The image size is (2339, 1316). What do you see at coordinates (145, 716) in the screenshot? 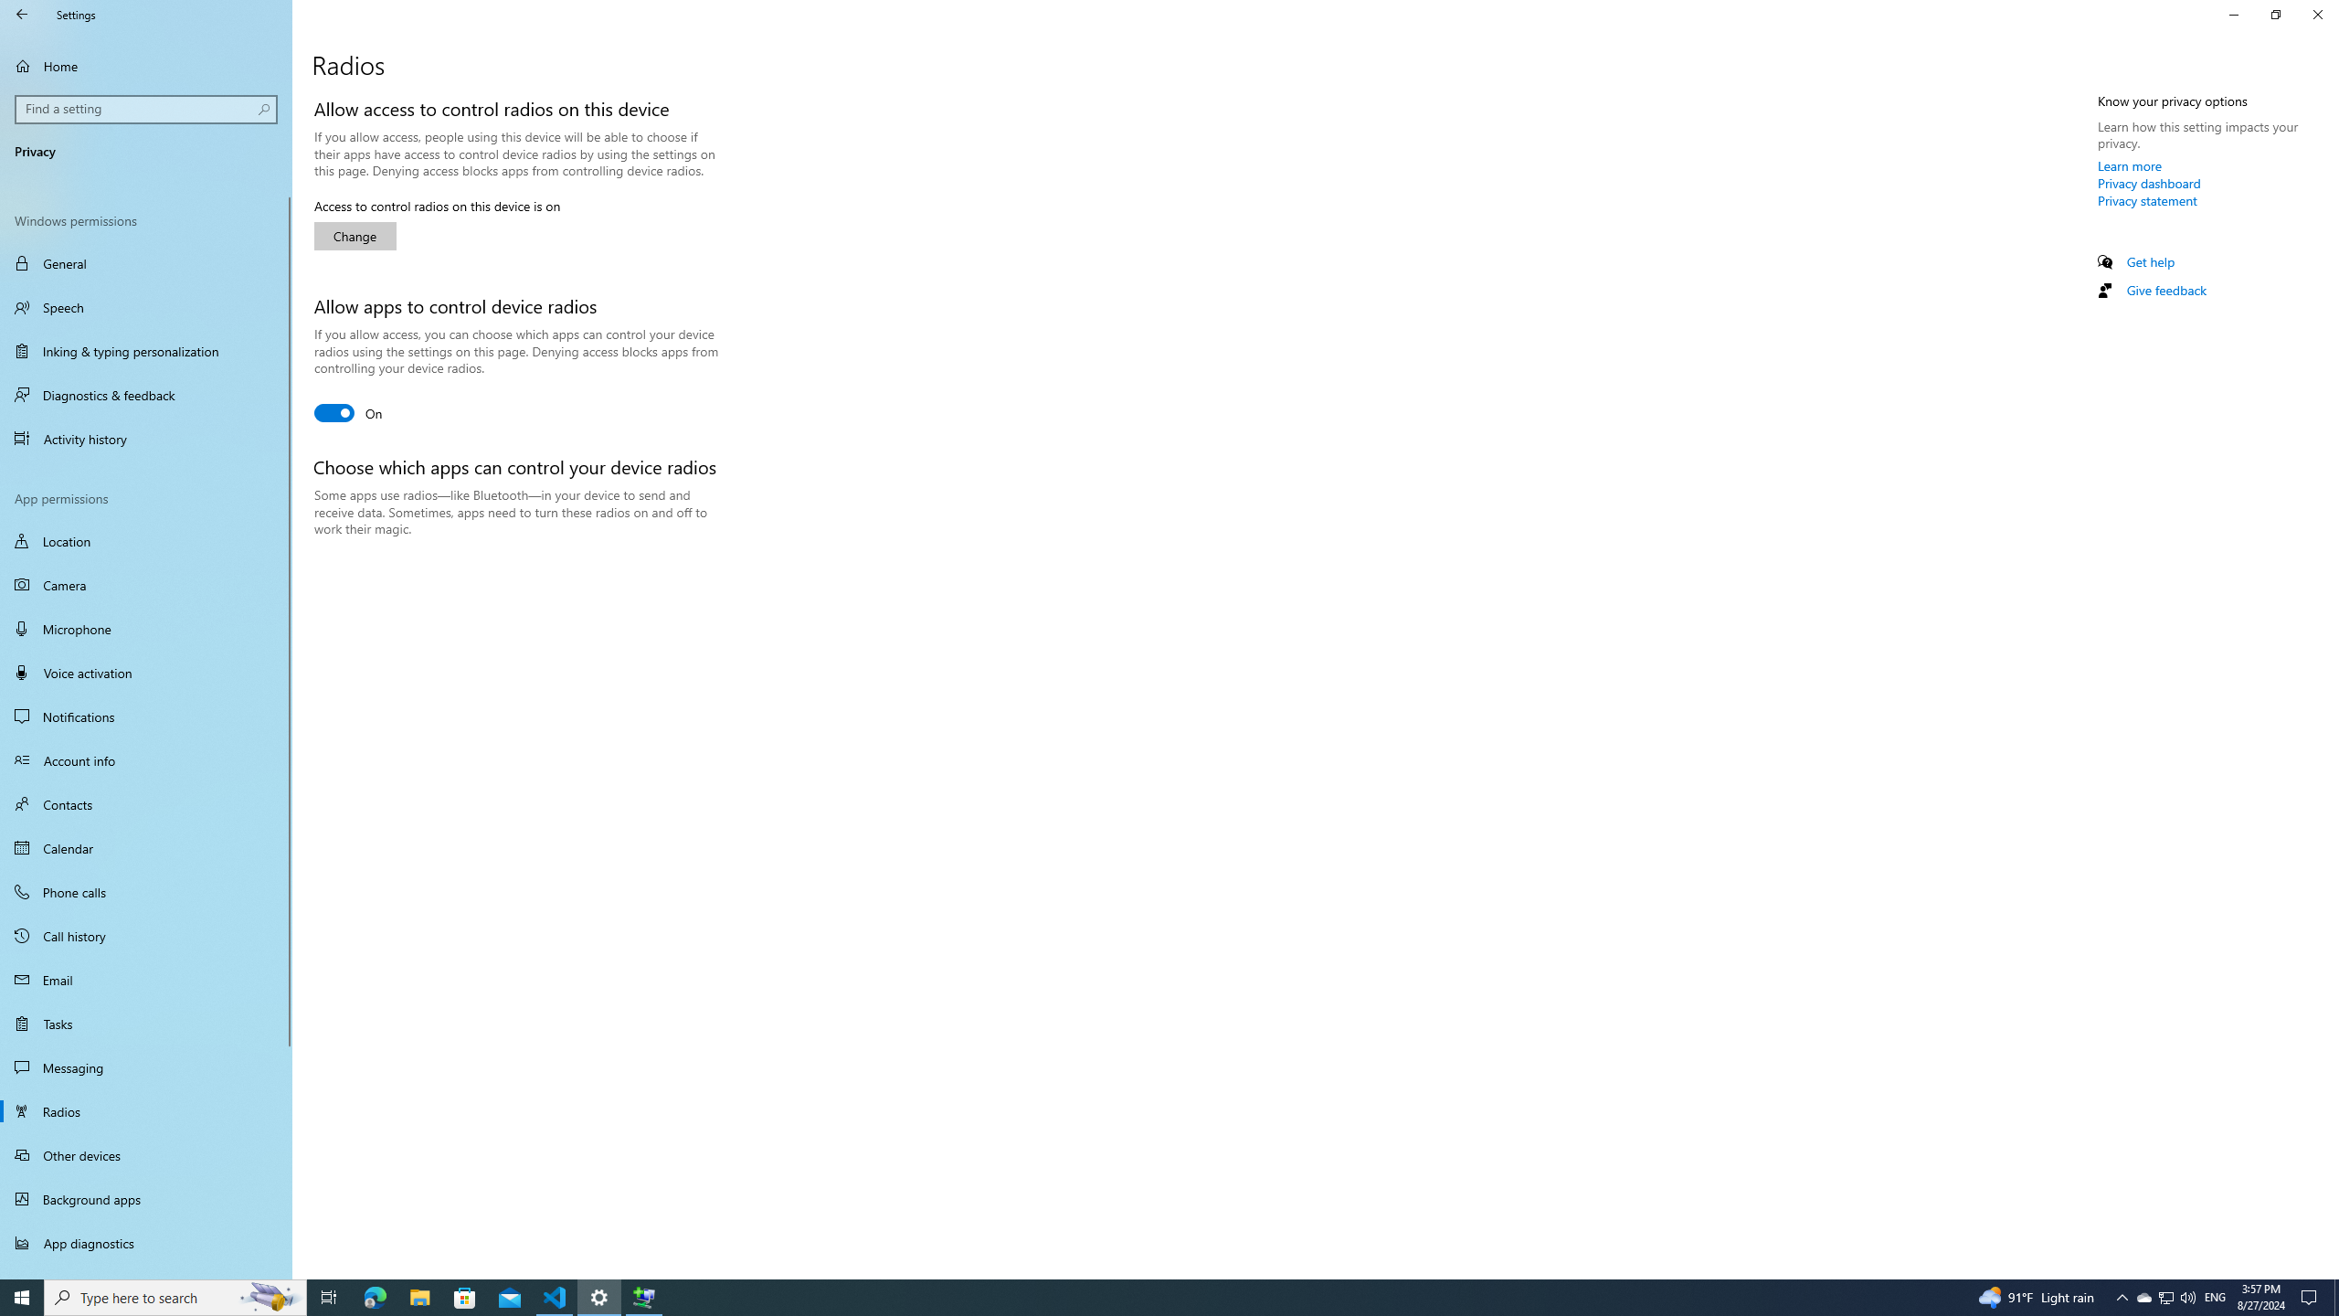
I see `'Notifications'` at bounding box center [145, 716].